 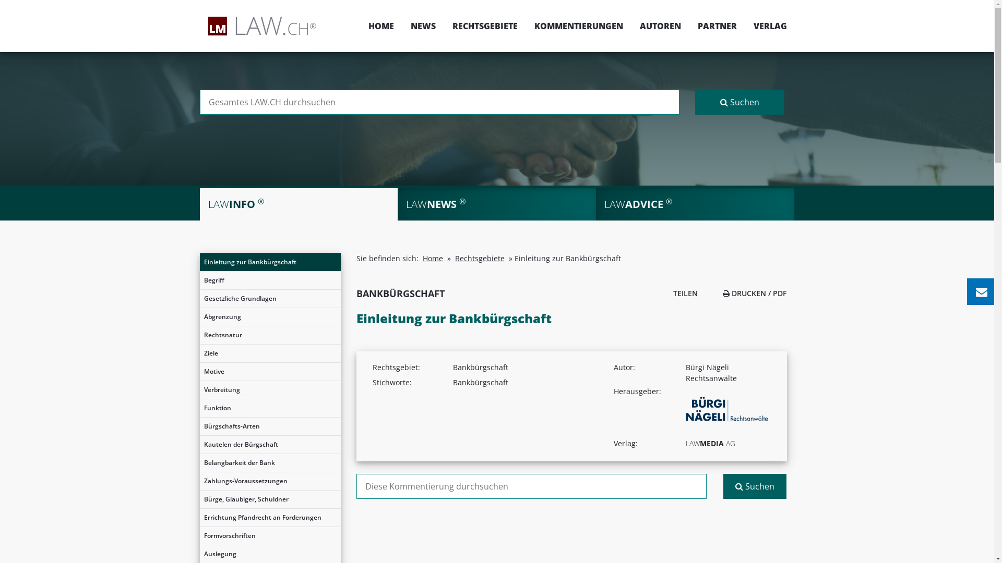 What do you see at coordinates (716, 26) in the screenshot?
I see `'PARTNER'` at bounding box center [716, 26].